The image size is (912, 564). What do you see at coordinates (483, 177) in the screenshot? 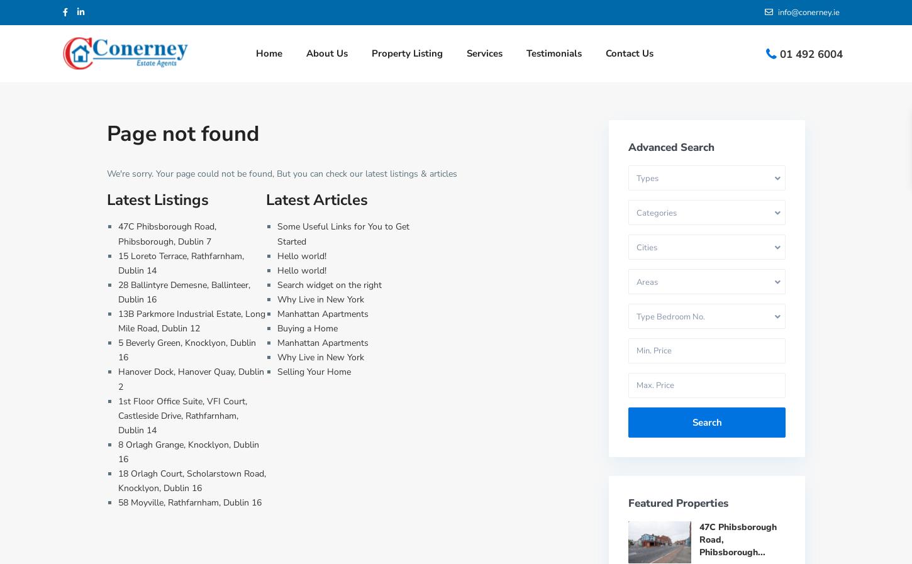
I see `'Letting Service'` at bounding box center [483, 177].